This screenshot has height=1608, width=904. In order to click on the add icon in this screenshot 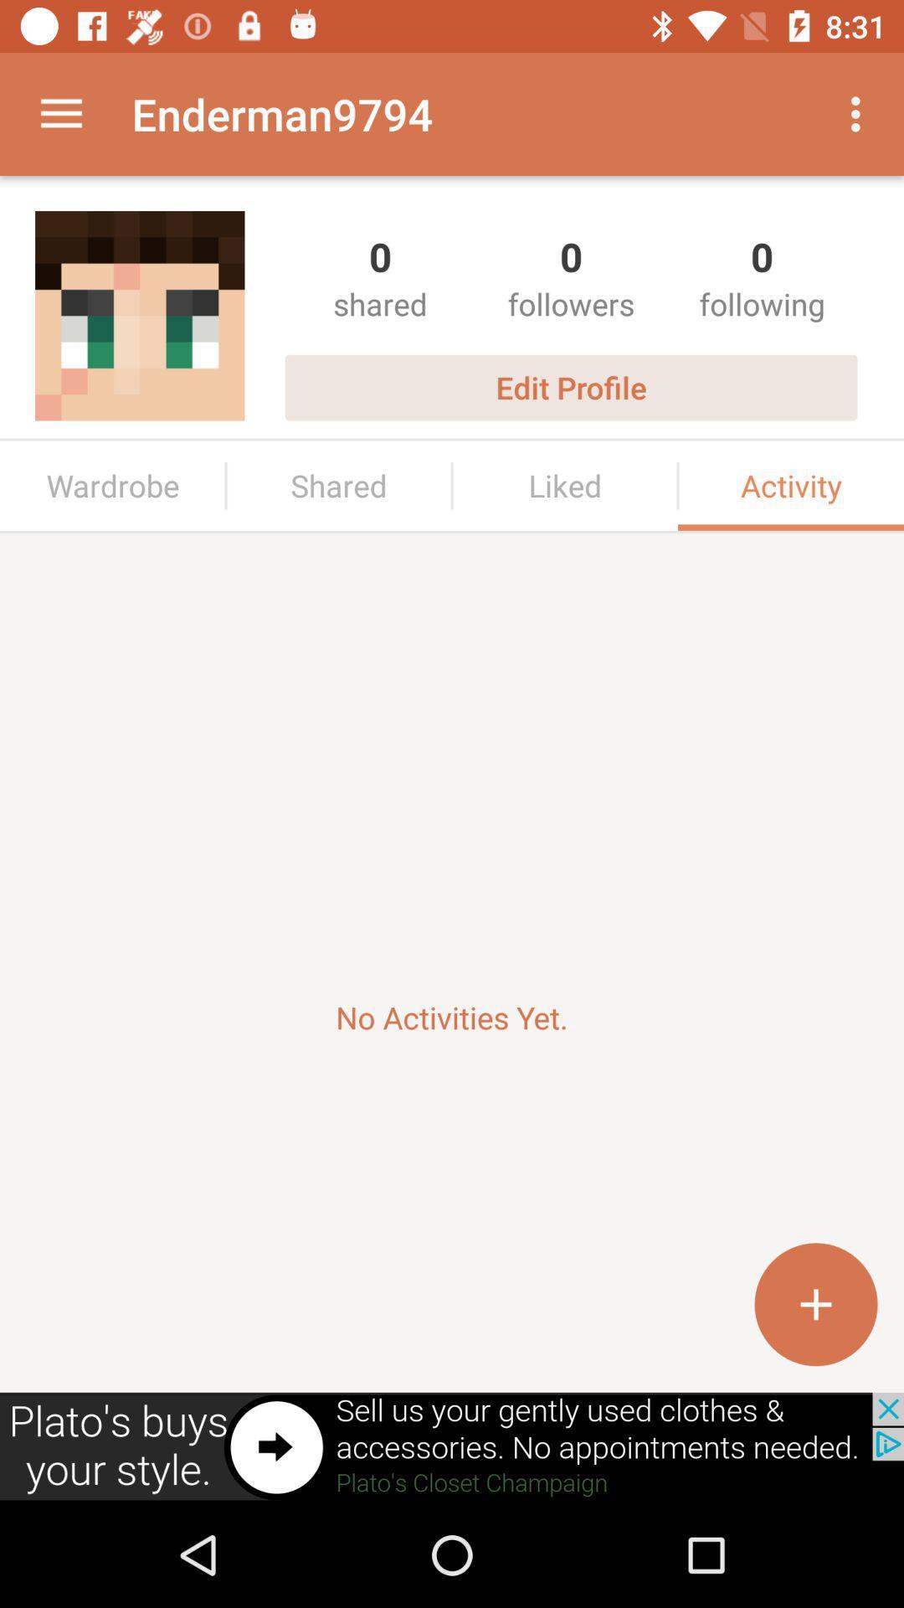, I will do `click(815, 1303)`.